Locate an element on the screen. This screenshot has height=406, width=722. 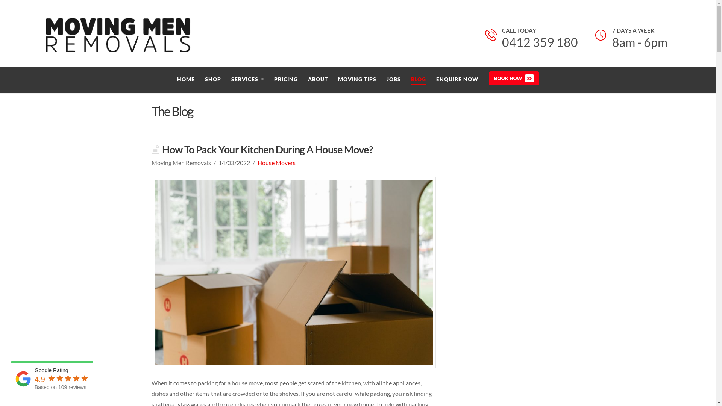
'ABOUT' is located at coordinates (317, 80).